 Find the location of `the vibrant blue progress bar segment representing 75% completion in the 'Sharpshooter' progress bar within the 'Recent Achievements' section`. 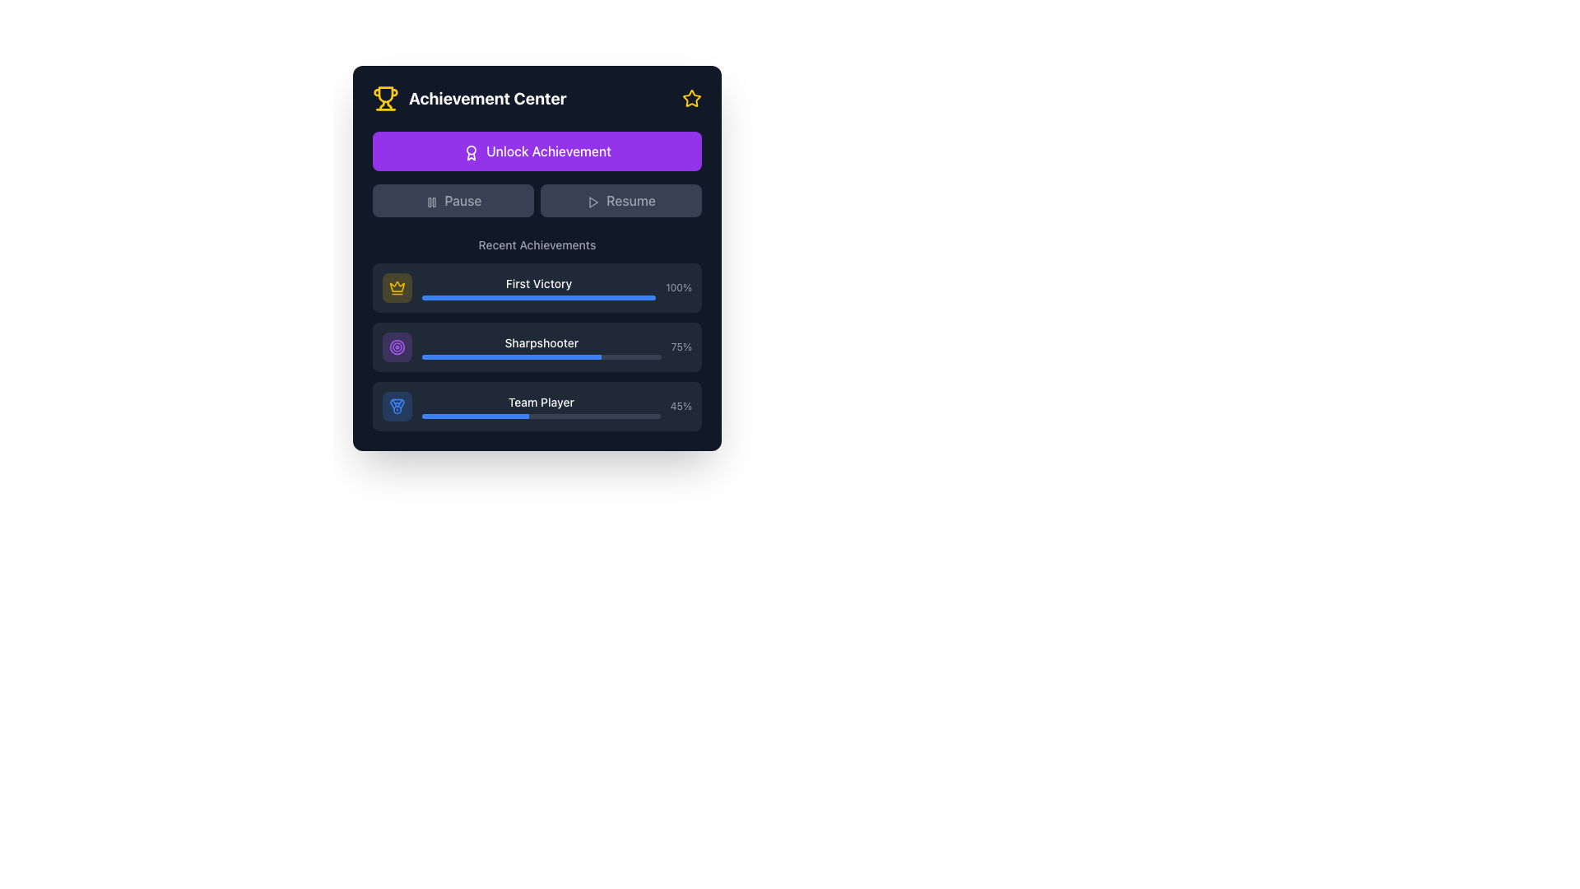

the vibrant blue progress bar segment representing 75% completion in the 'Sharpshooter' progress bar within the 'Recent Achievements' section is located at coordinates (511, 356).